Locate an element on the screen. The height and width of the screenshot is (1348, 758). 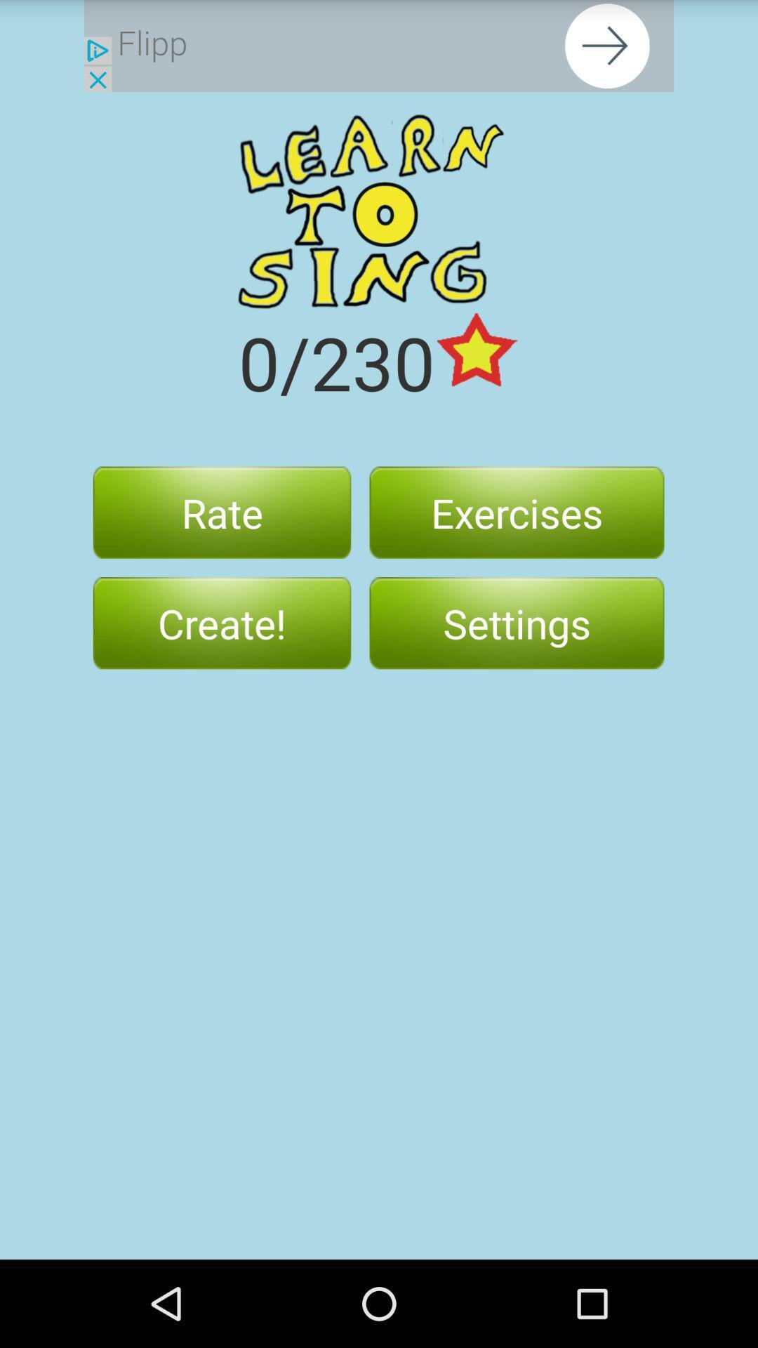
next is located at coordinates (379, 46).